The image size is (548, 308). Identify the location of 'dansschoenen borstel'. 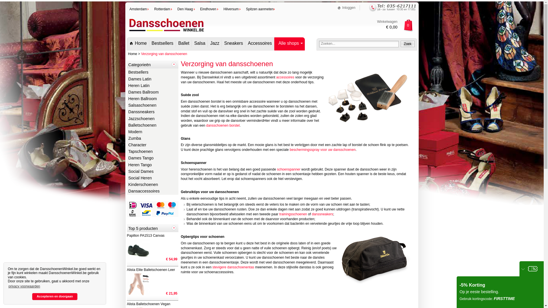
(222, 125).